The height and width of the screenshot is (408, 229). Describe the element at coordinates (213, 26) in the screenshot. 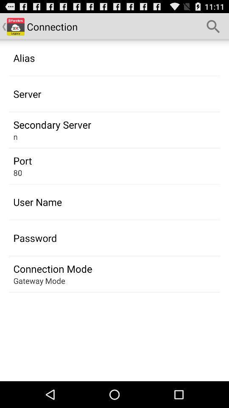

I see `app to the right of the connection icon` at that location.